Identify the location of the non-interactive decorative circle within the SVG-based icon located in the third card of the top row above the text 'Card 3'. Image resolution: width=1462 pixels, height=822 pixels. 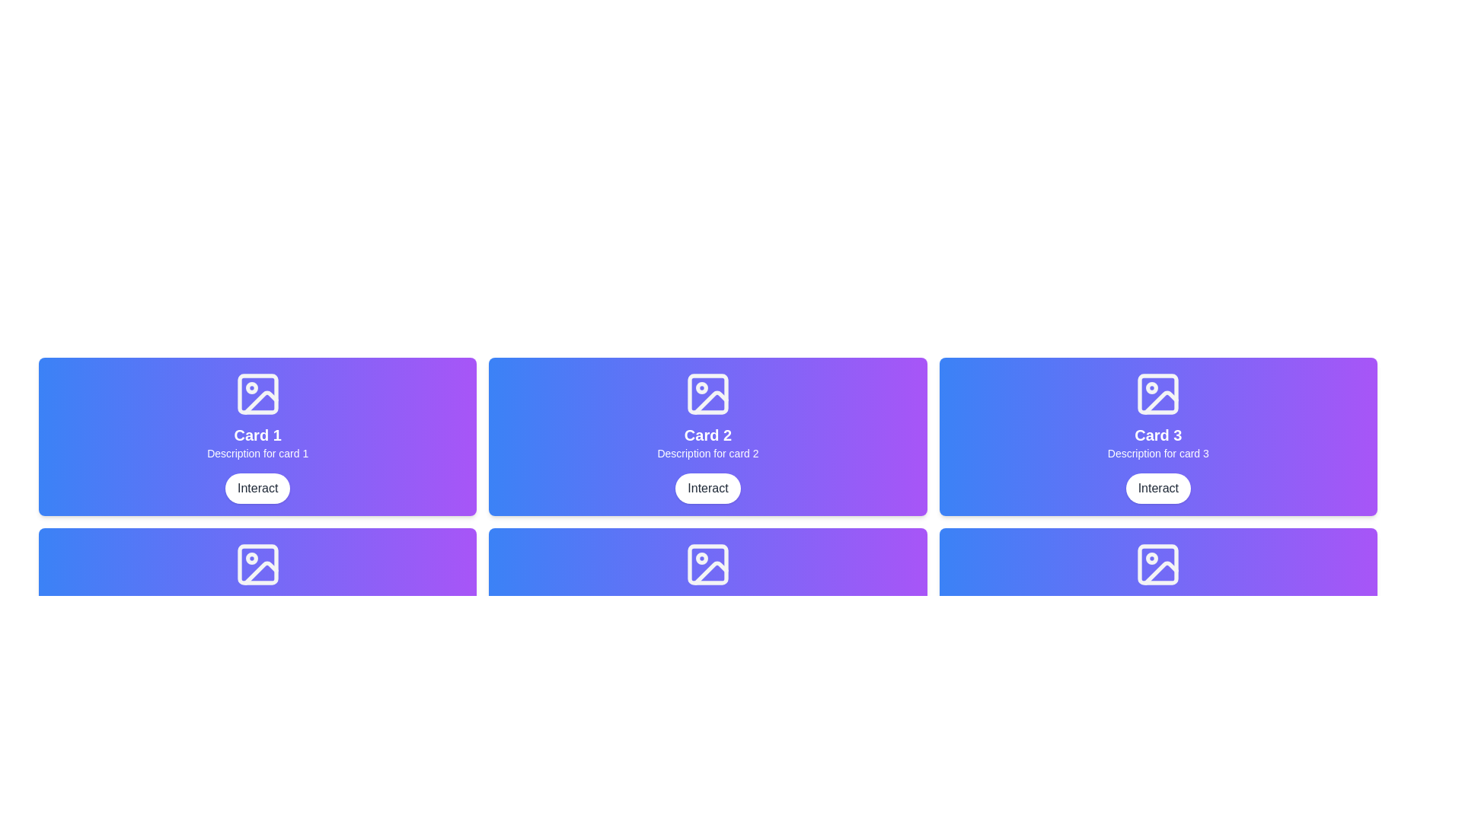
(1152, 387).